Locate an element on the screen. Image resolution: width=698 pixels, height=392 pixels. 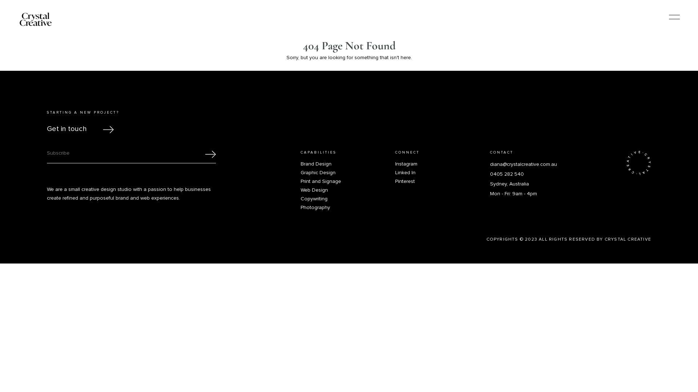
'Graphic Design' is located at coordinates (347, 172).